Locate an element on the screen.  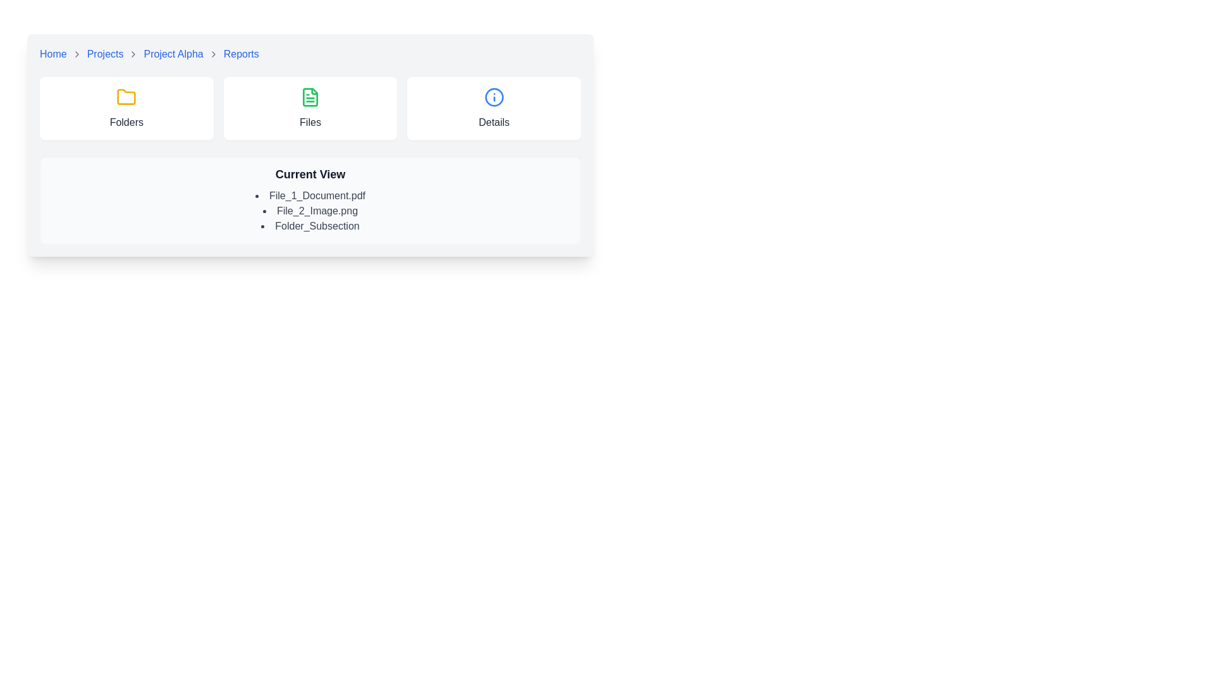
the right-pointing chevron icon, which serves as a navigation separator between the 'Projects' link and the 'Project Alpha' link in the breadcrumb navigation layout is located at coordinates (133, 53).